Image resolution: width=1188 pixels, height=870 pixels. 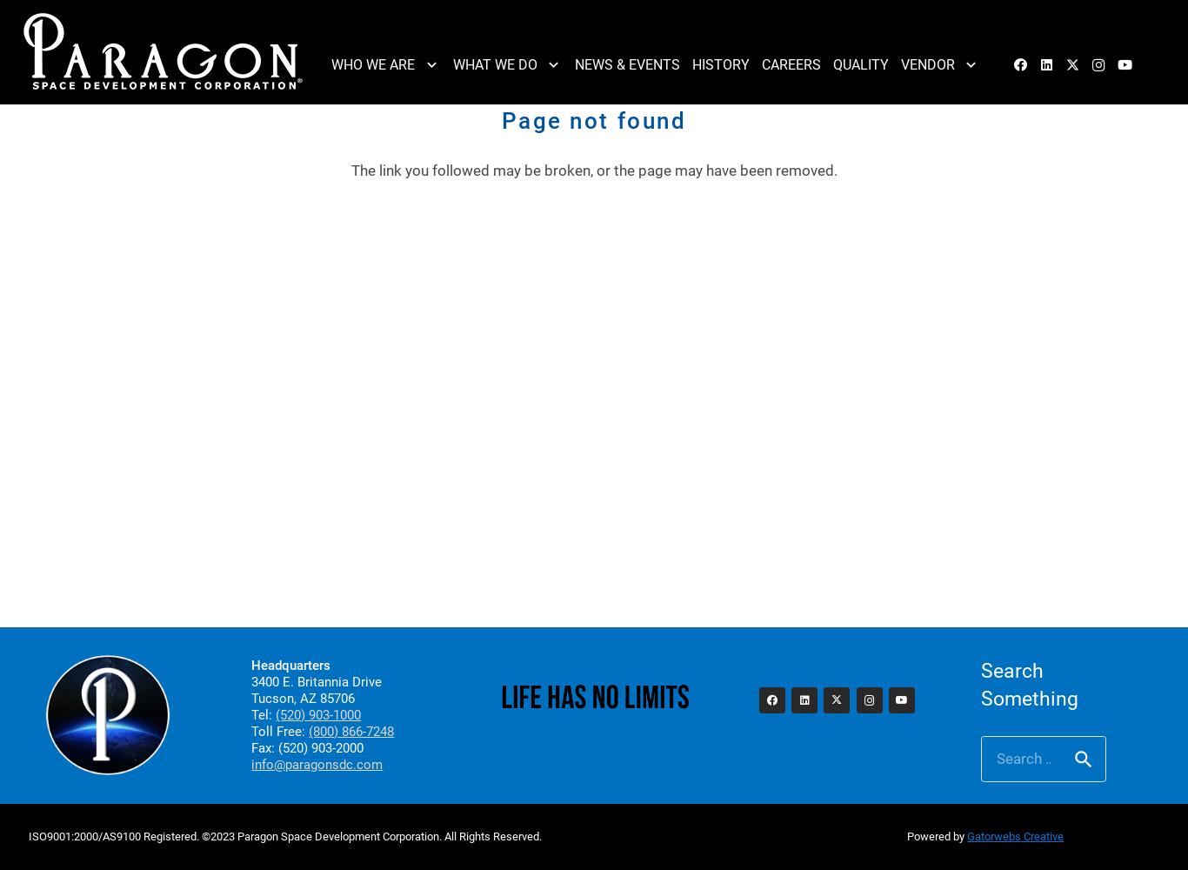 What do you see at coordinates (1028, 685) in the screenshot?
I see `'Search Something'` at bounding box center [1028, 685].